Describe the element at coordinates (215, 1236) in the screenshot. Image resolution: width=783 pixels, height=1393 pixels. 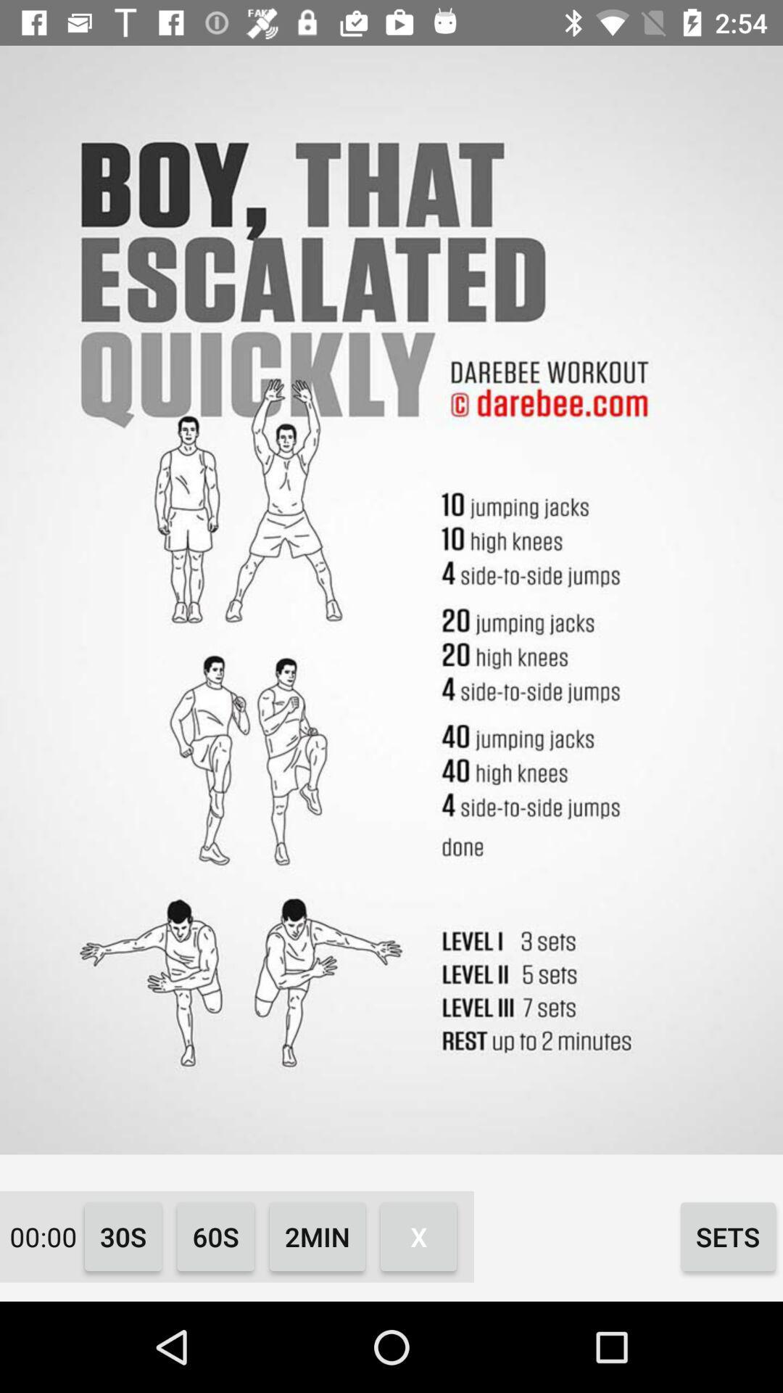
I see `the 60s icon` at that location.